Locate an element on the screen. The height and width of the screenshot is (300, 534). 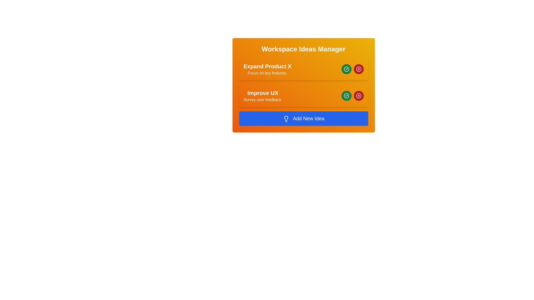
the static text label that serves as a prominent heading for 'Product X', located in the upper section of the central workspace card is located at coordinates (267, 66).